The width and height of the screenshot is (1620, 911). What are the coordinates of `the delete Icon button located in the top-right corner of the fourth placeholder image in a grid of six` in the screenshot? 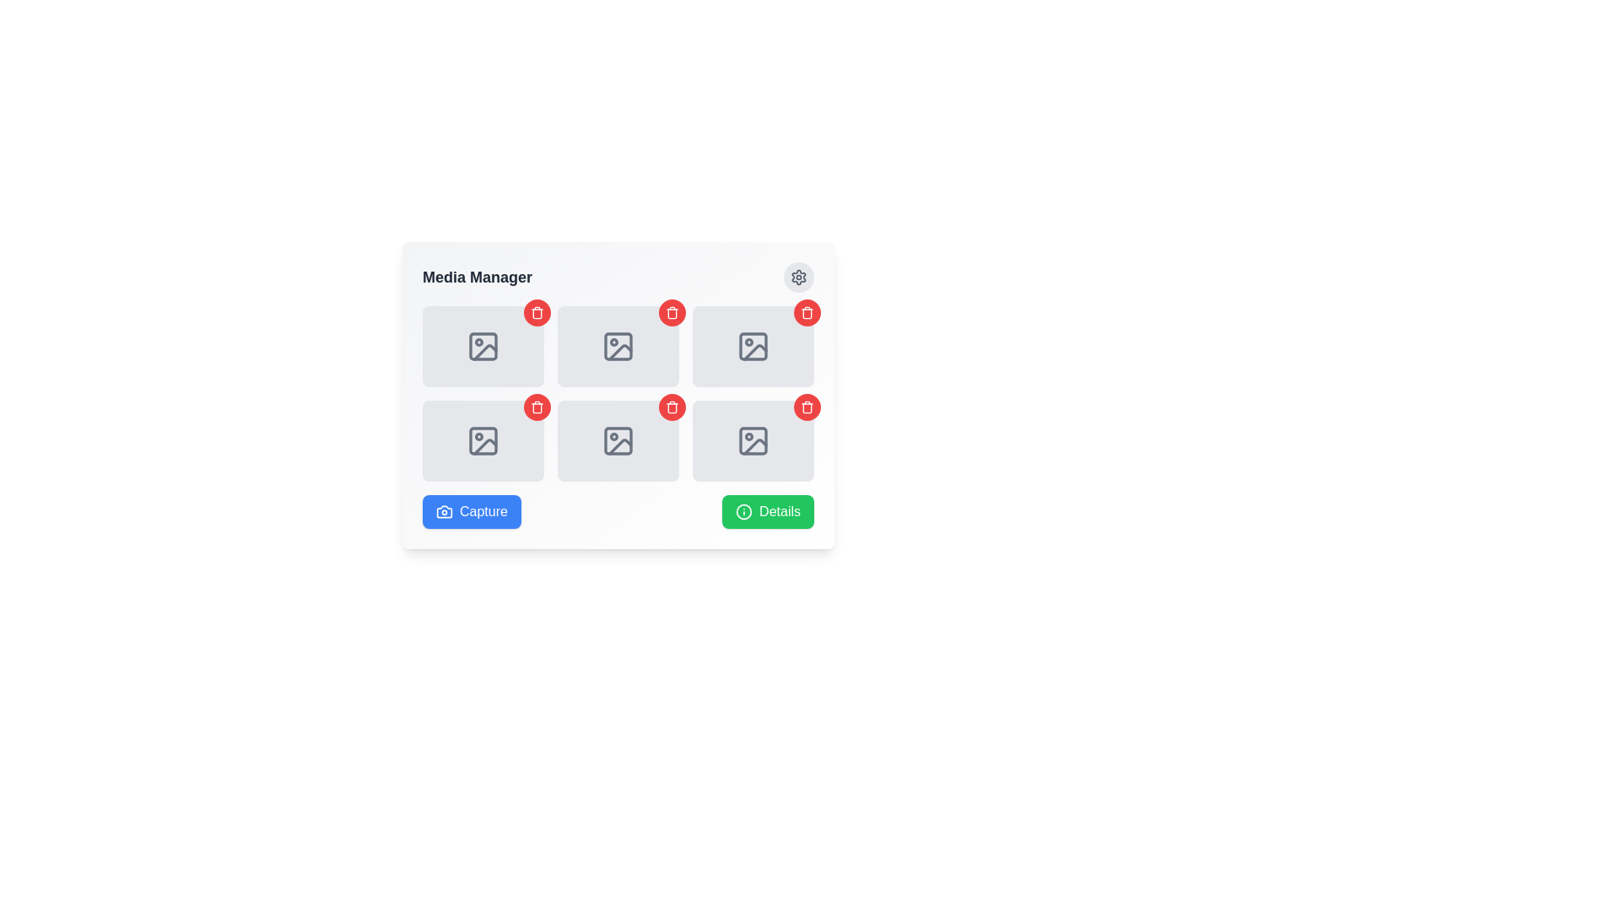 It's located at (671, 407).